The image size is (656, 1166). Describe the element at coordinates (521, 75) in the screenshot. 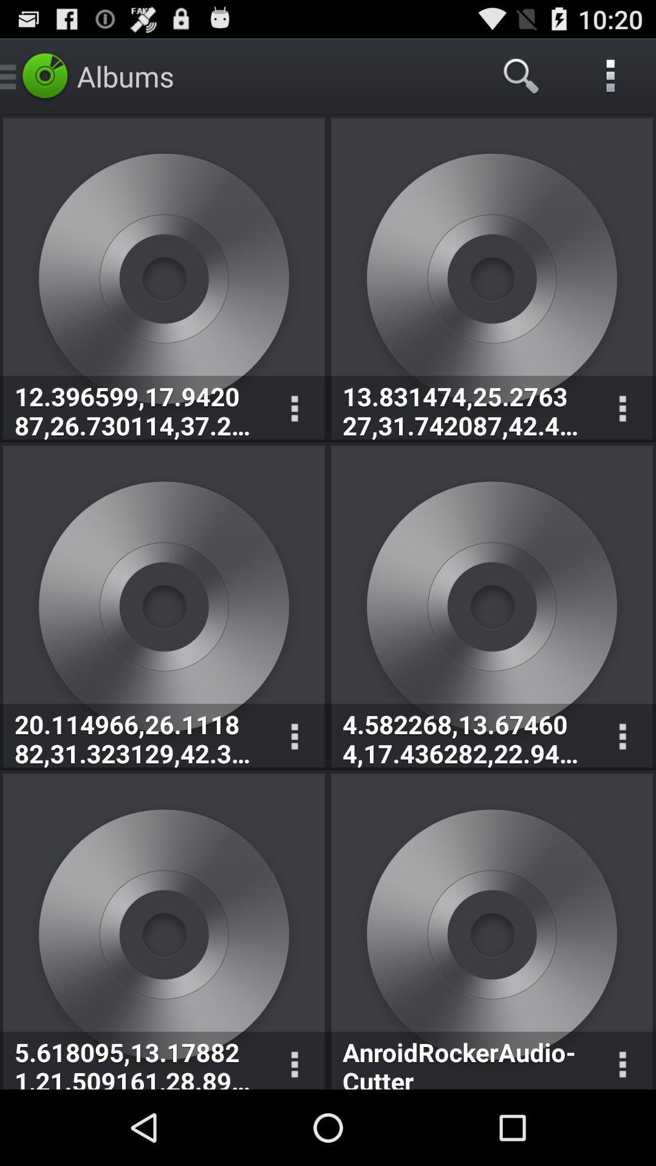

I see `the search icon` at that location.